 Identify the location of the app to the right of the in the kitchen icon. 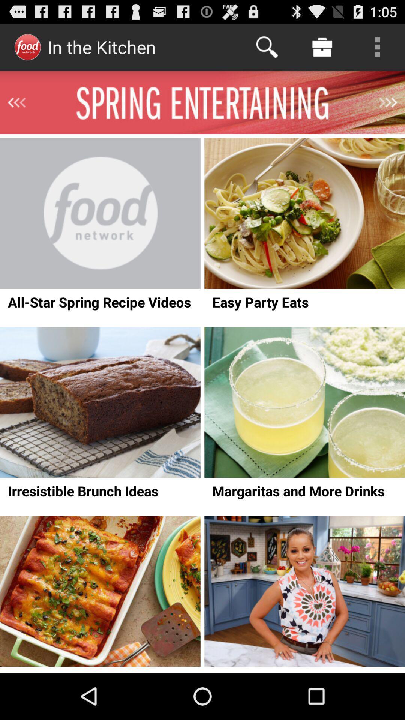
(267, 46).